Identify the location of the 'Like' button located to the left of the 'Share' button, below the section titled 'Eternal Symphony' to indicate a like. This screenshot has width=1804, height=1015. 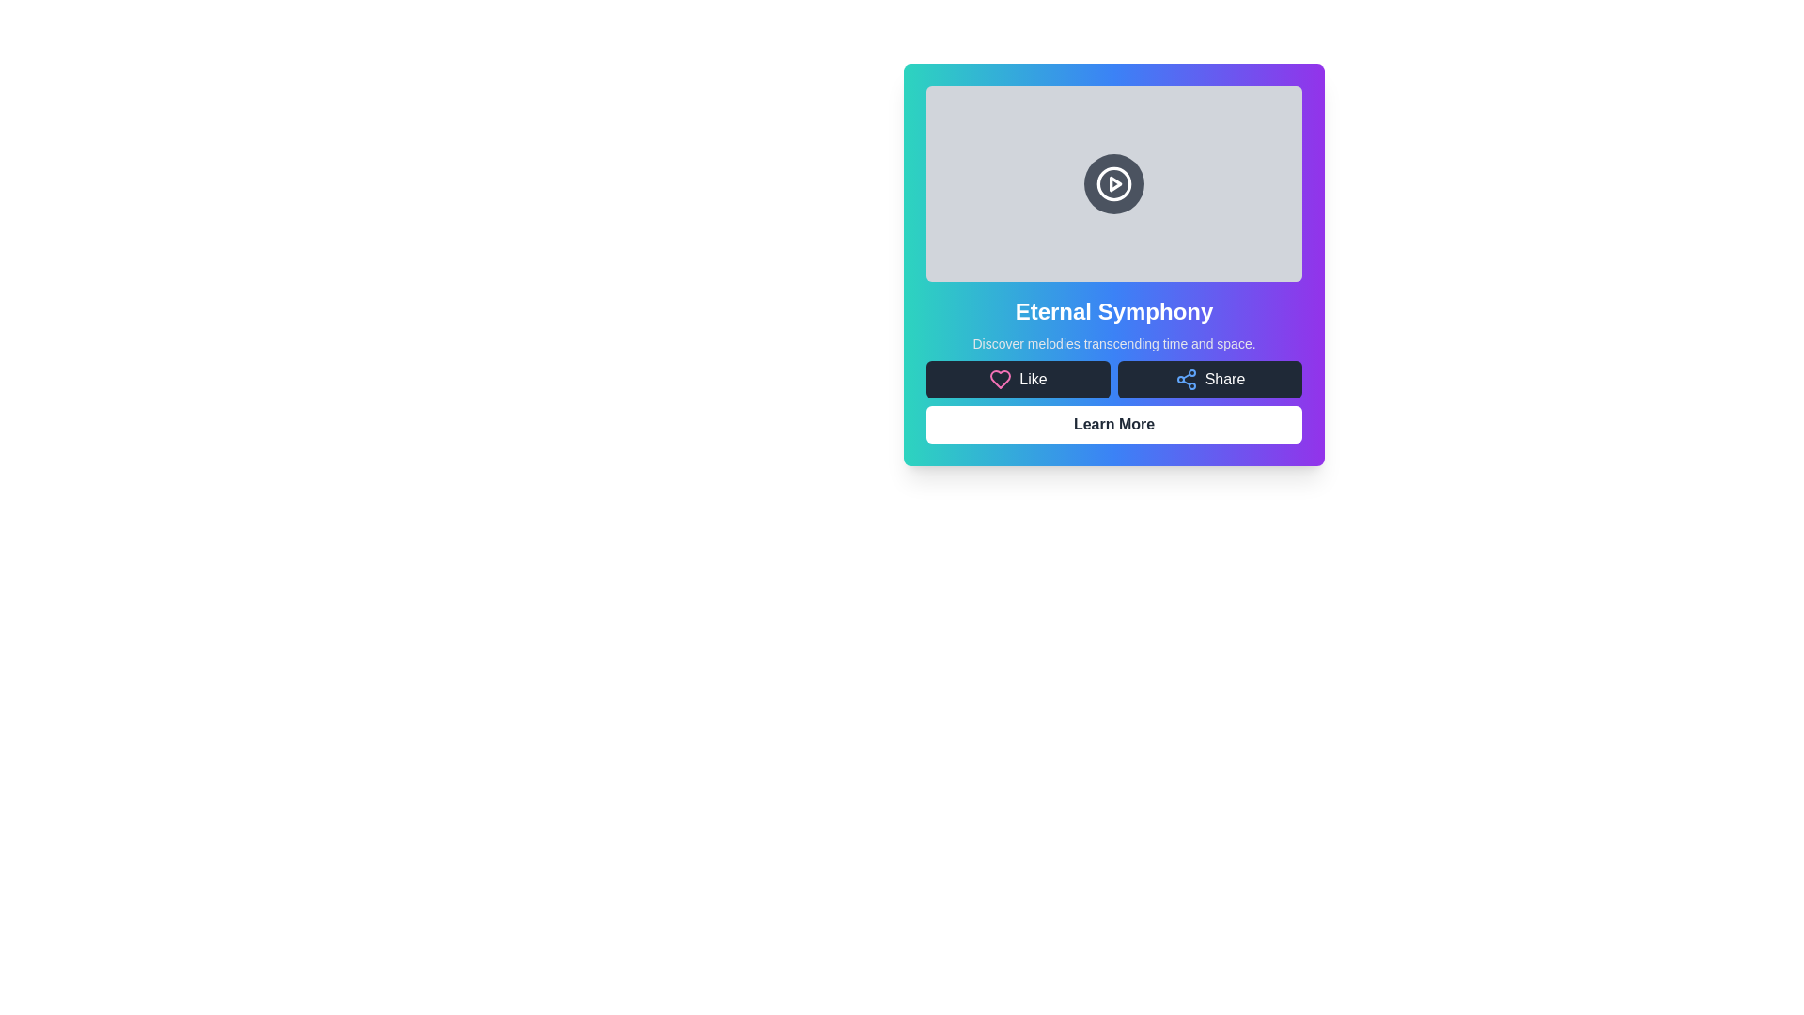
(1018, 380).